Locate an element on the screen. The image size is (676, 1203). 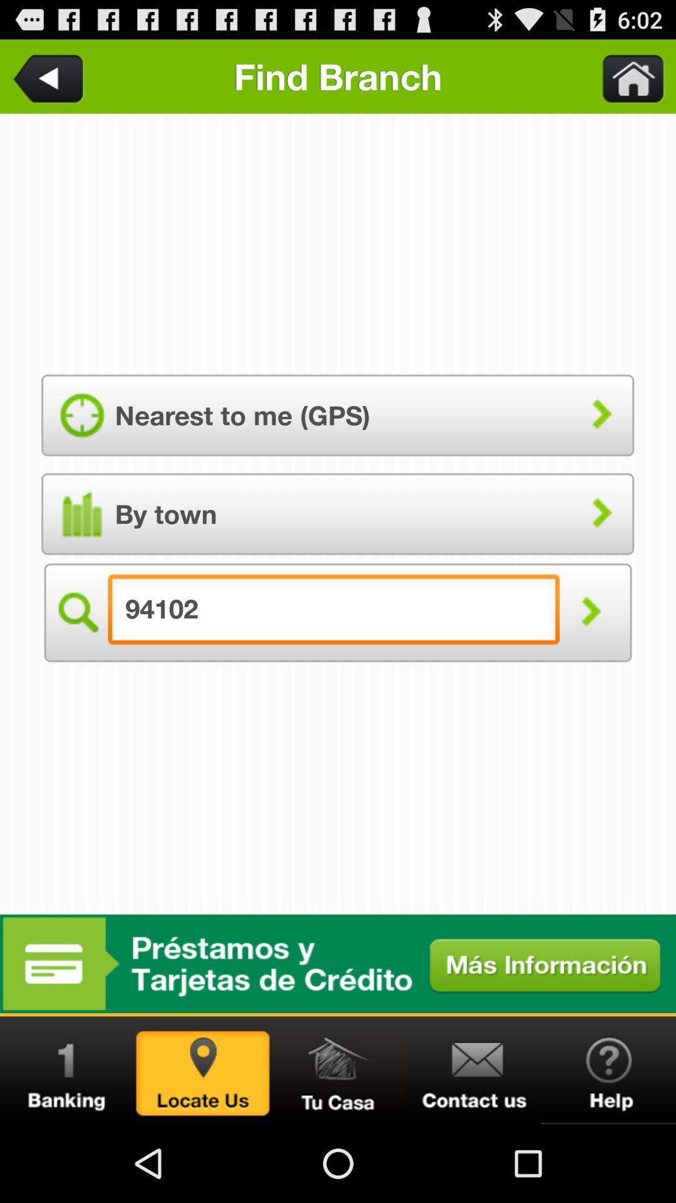
home info page toggle is located at coordinates (338, 1070).